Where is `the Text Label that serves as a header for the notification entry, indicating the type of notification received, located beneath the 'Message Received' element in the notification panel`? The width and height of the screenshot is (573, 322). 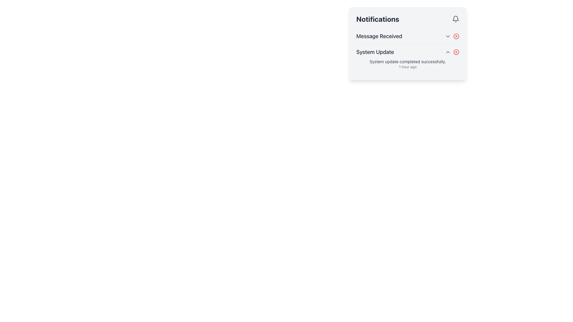 the Text Label that serves as a header for the notification entry, indicating the type of notification received, located beneath the 'Message Received' element in the notification panel is located at coordinates (375, 52).